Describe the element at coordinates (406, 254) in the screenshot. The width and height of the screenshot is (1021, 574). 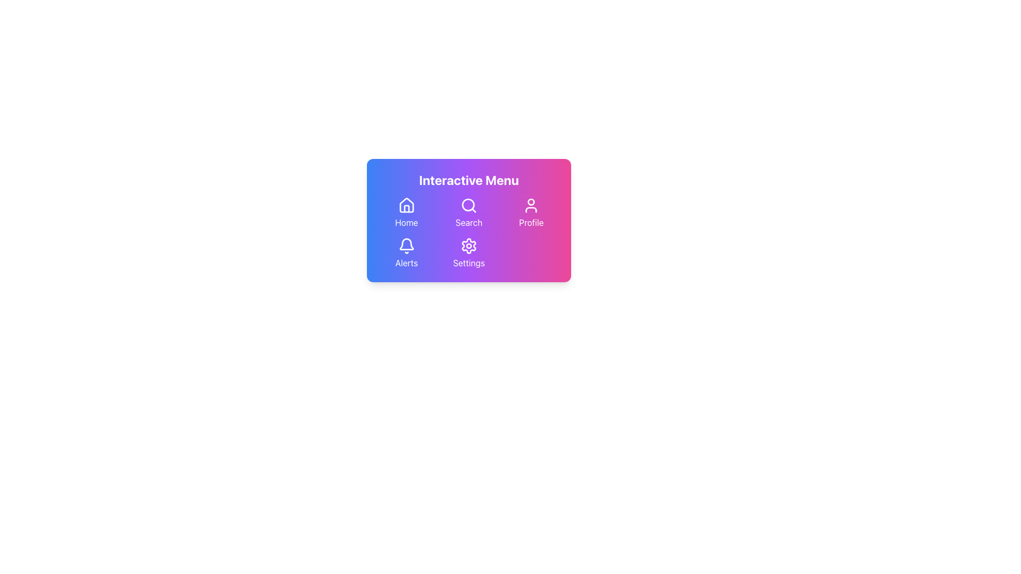
I see `the Alerts interactive menu item, which consists of a bell icon and the text 'Alerts,'` at that location.